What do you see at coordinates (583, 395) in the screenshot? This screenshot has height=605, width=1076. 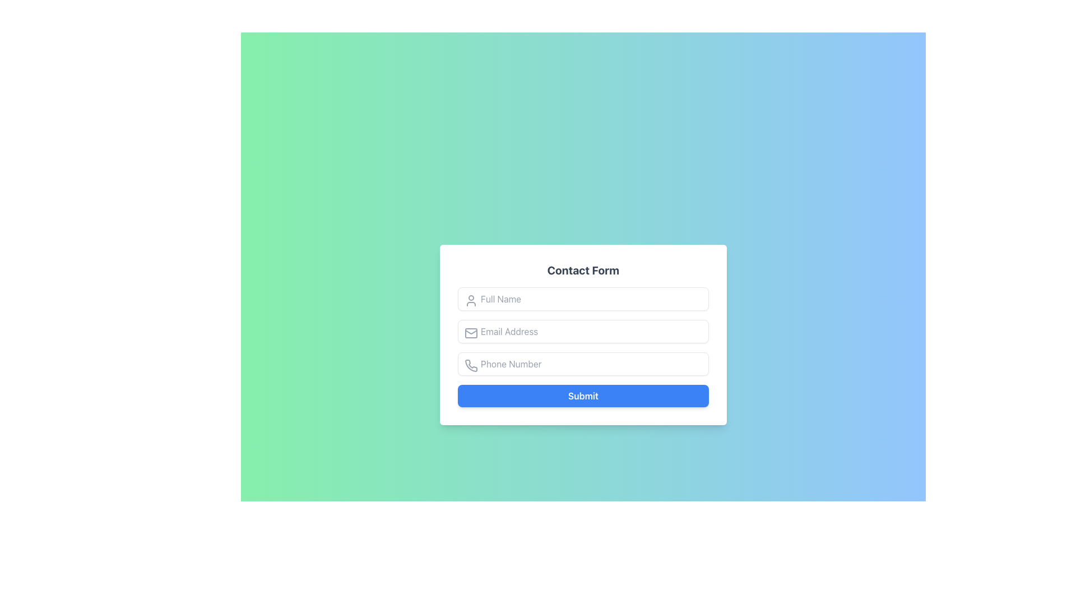 I see `the 'Submit' button, which is a rectangular button with rounded corners and a blue background, located at the bottom of the form beneath three input fields` at bounding box center [583, 395].